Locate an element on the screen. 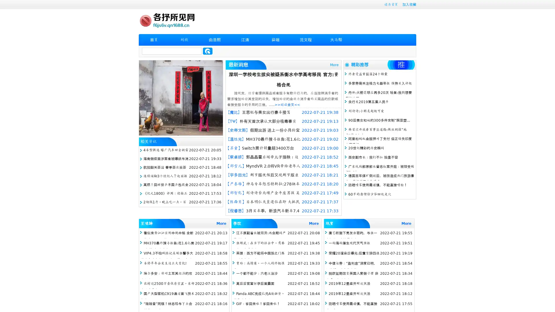 This screenshot has height=312, width=555. Search is located at coordinates (208, 51).